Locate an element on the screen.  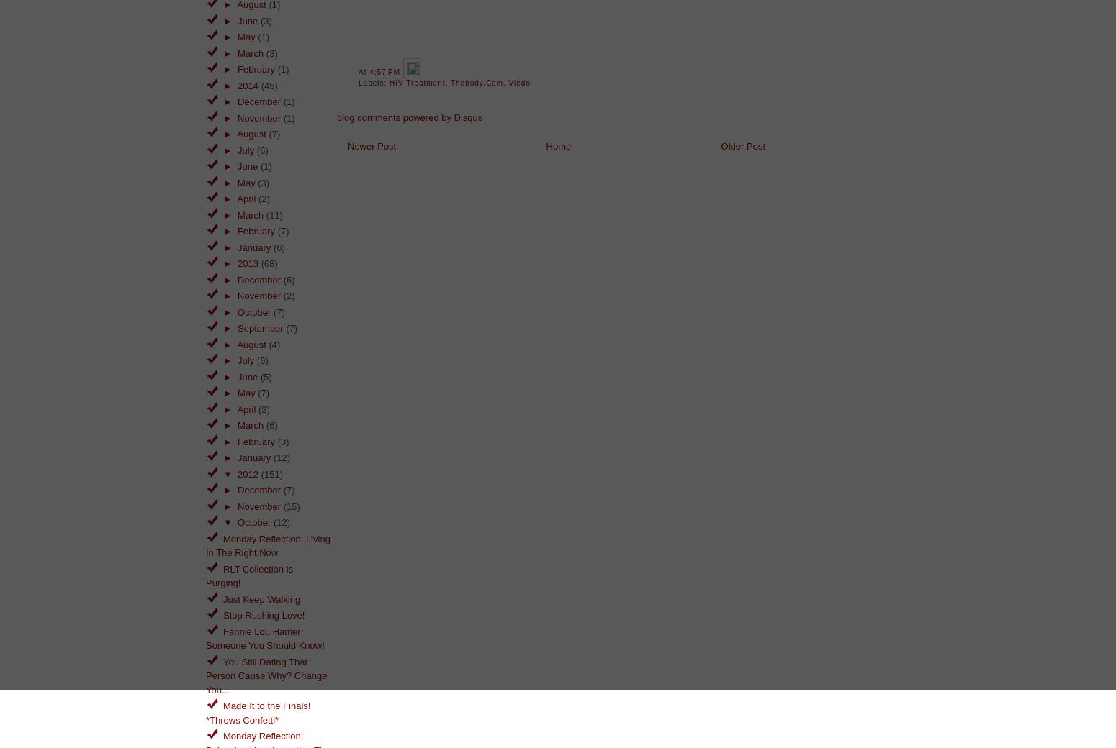
'at' is located at coordinates (363, 71).